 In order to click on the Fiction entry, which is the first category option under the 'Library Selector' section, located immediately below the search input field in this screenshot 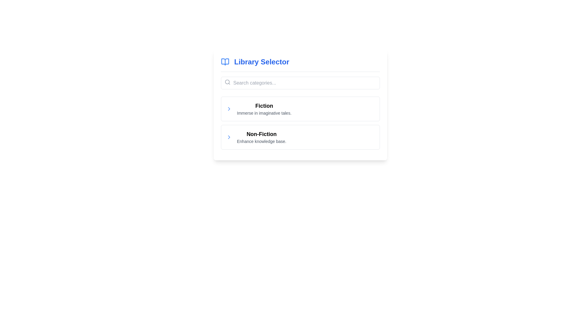, I will do `click(300, 104)`.